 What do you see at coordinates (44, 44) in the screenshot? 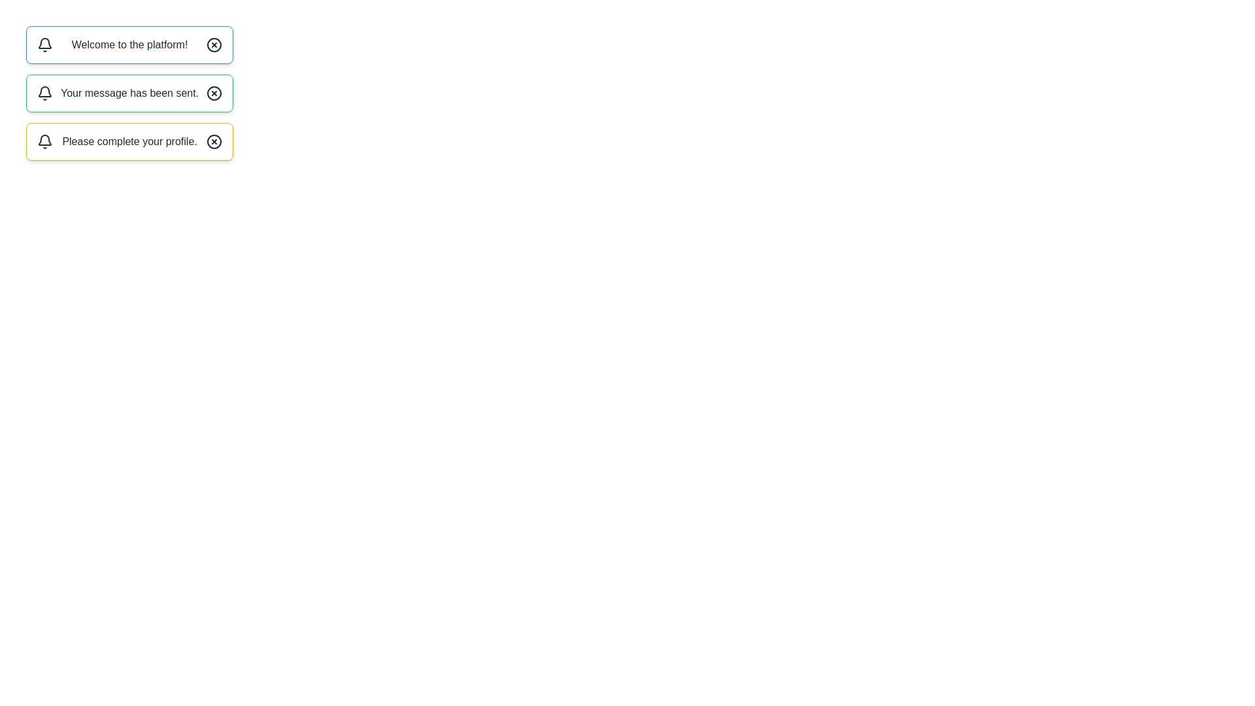
I see `the bell icon of the first message box` at bounding box center [44, 44].